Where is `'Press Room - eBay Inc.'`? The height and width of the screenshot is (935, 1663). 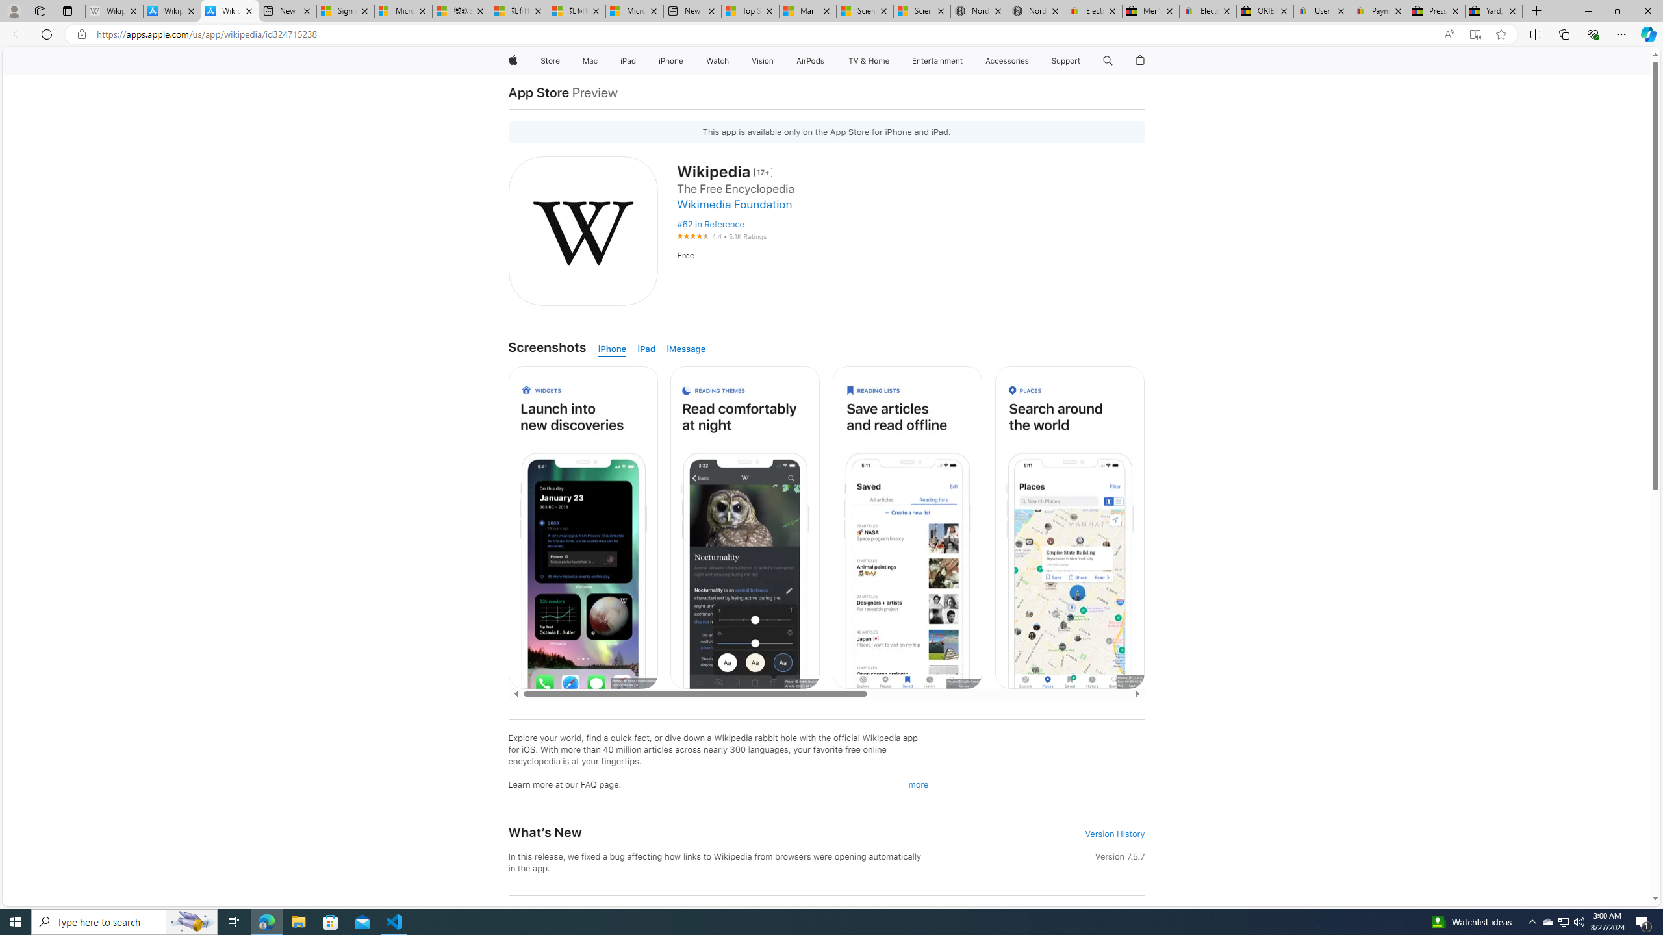
'Press Room - eBay Inc.' is located at coordinates (1435, 10).